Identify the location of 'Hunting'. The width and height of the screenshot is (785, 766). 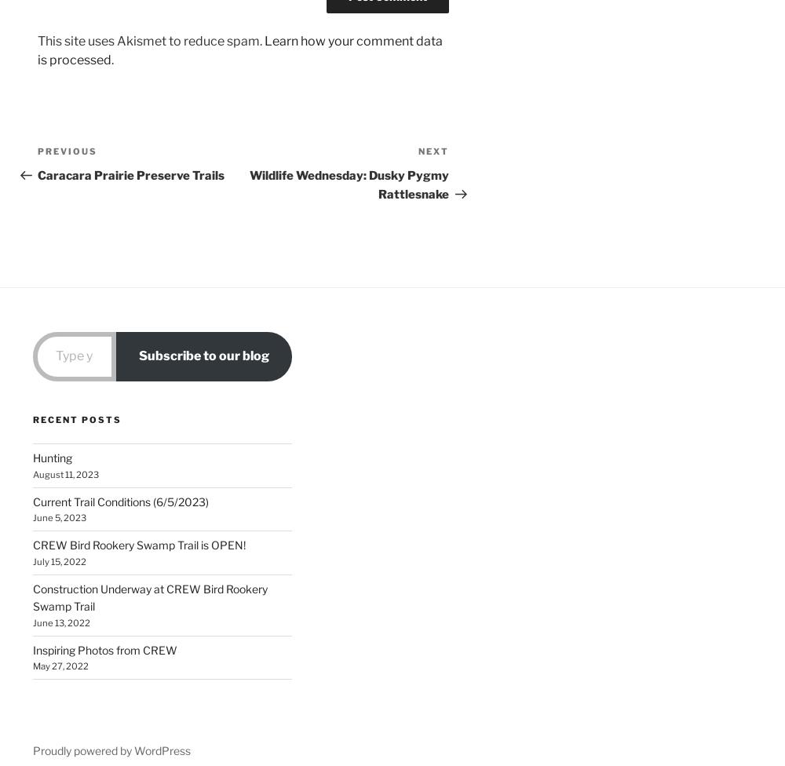
(52, 458).